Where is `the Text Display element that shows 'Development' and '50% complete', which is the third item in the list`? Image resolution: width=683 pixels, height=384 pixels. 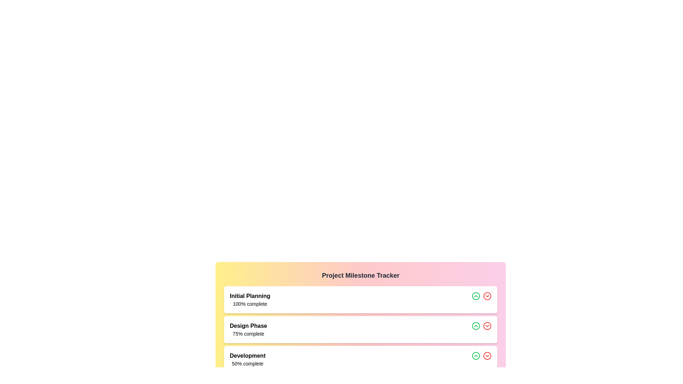 the Text Display element that shows 'Development' and '50% complete', which is the third item in the list is located at coordinates (248, 359).